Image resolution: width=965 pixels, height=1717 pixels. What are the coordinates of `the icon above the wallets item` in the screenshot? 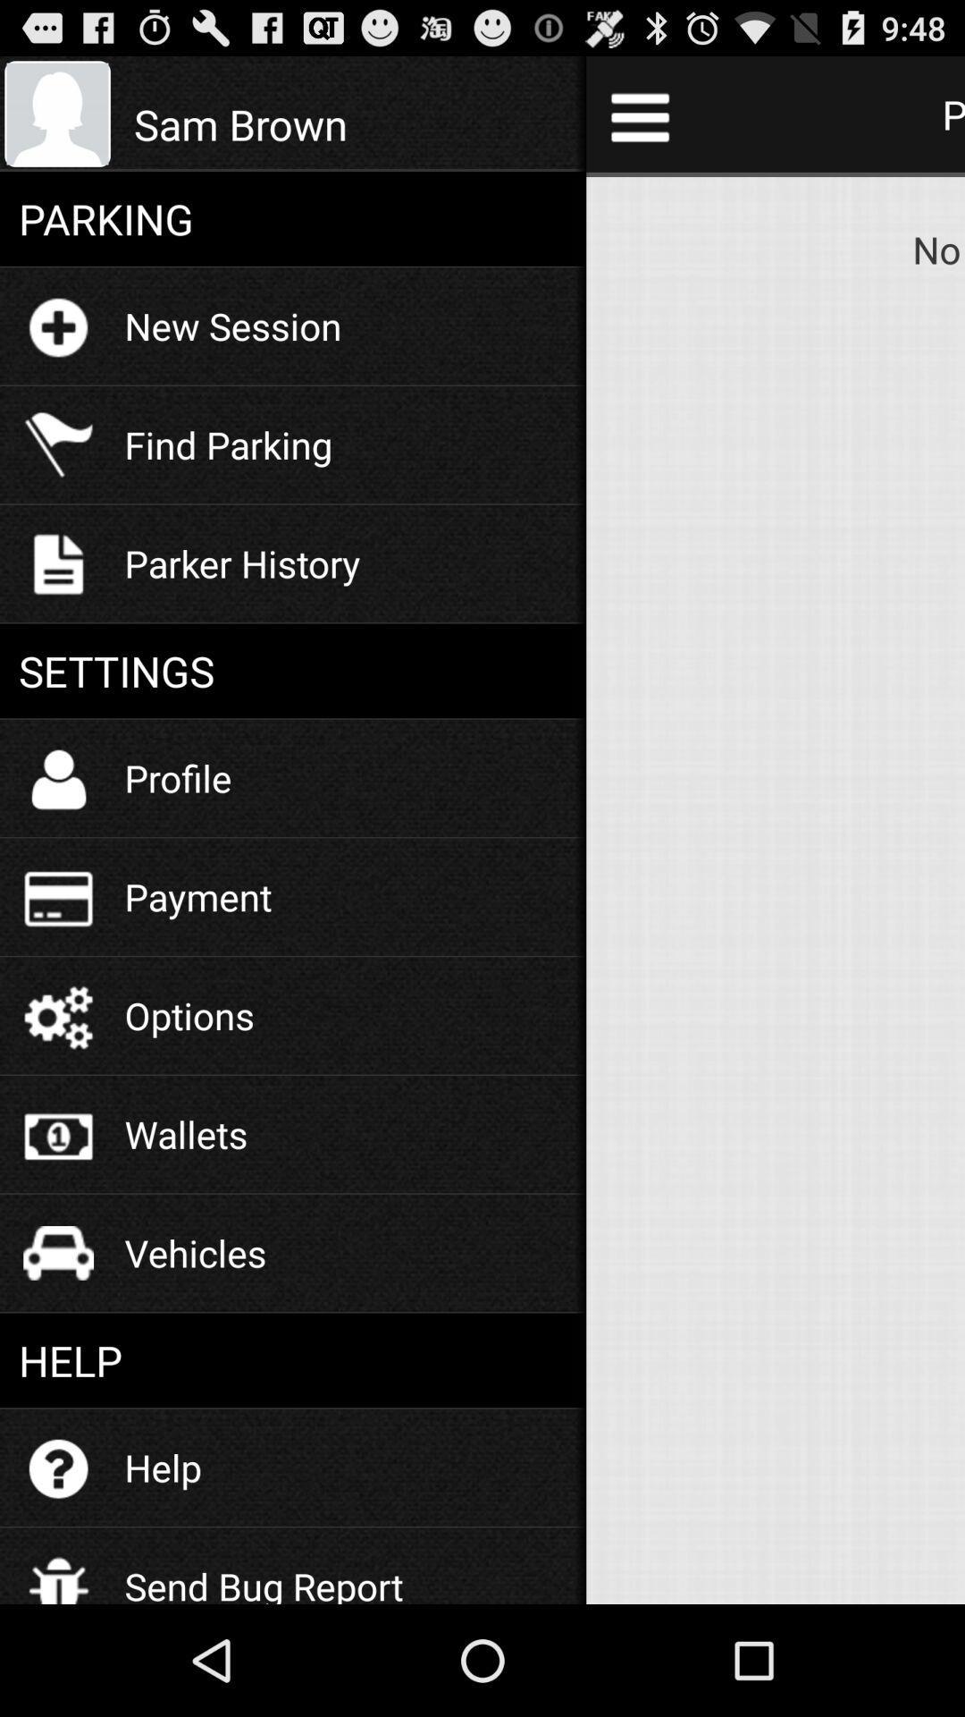 It's located at (189, 1015).